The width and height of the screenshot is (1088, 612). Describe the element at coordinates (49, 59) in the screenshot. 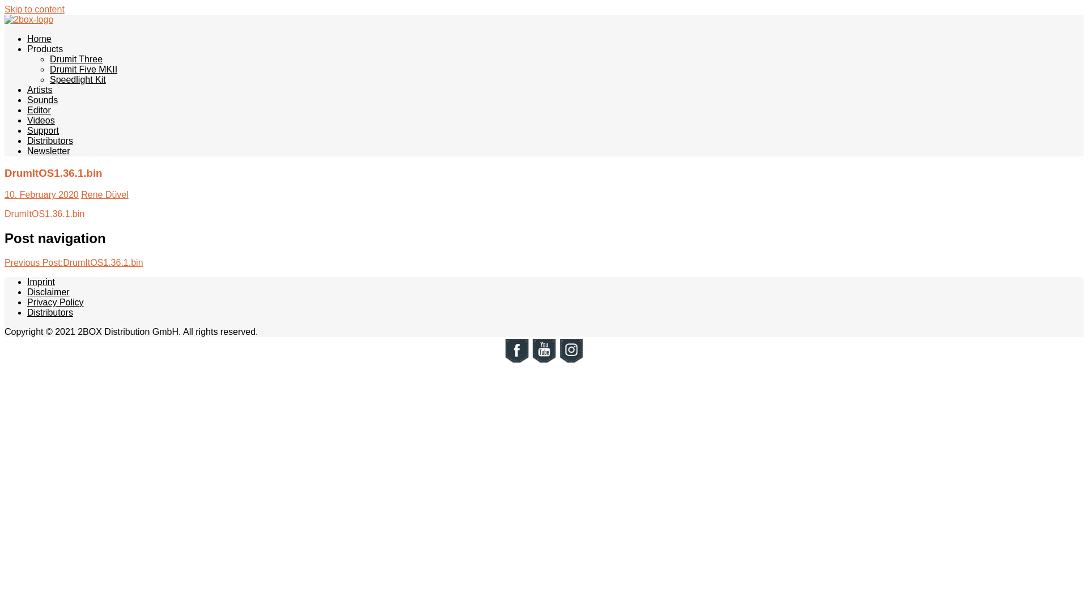

I see `'Drumit Three'` at that location.